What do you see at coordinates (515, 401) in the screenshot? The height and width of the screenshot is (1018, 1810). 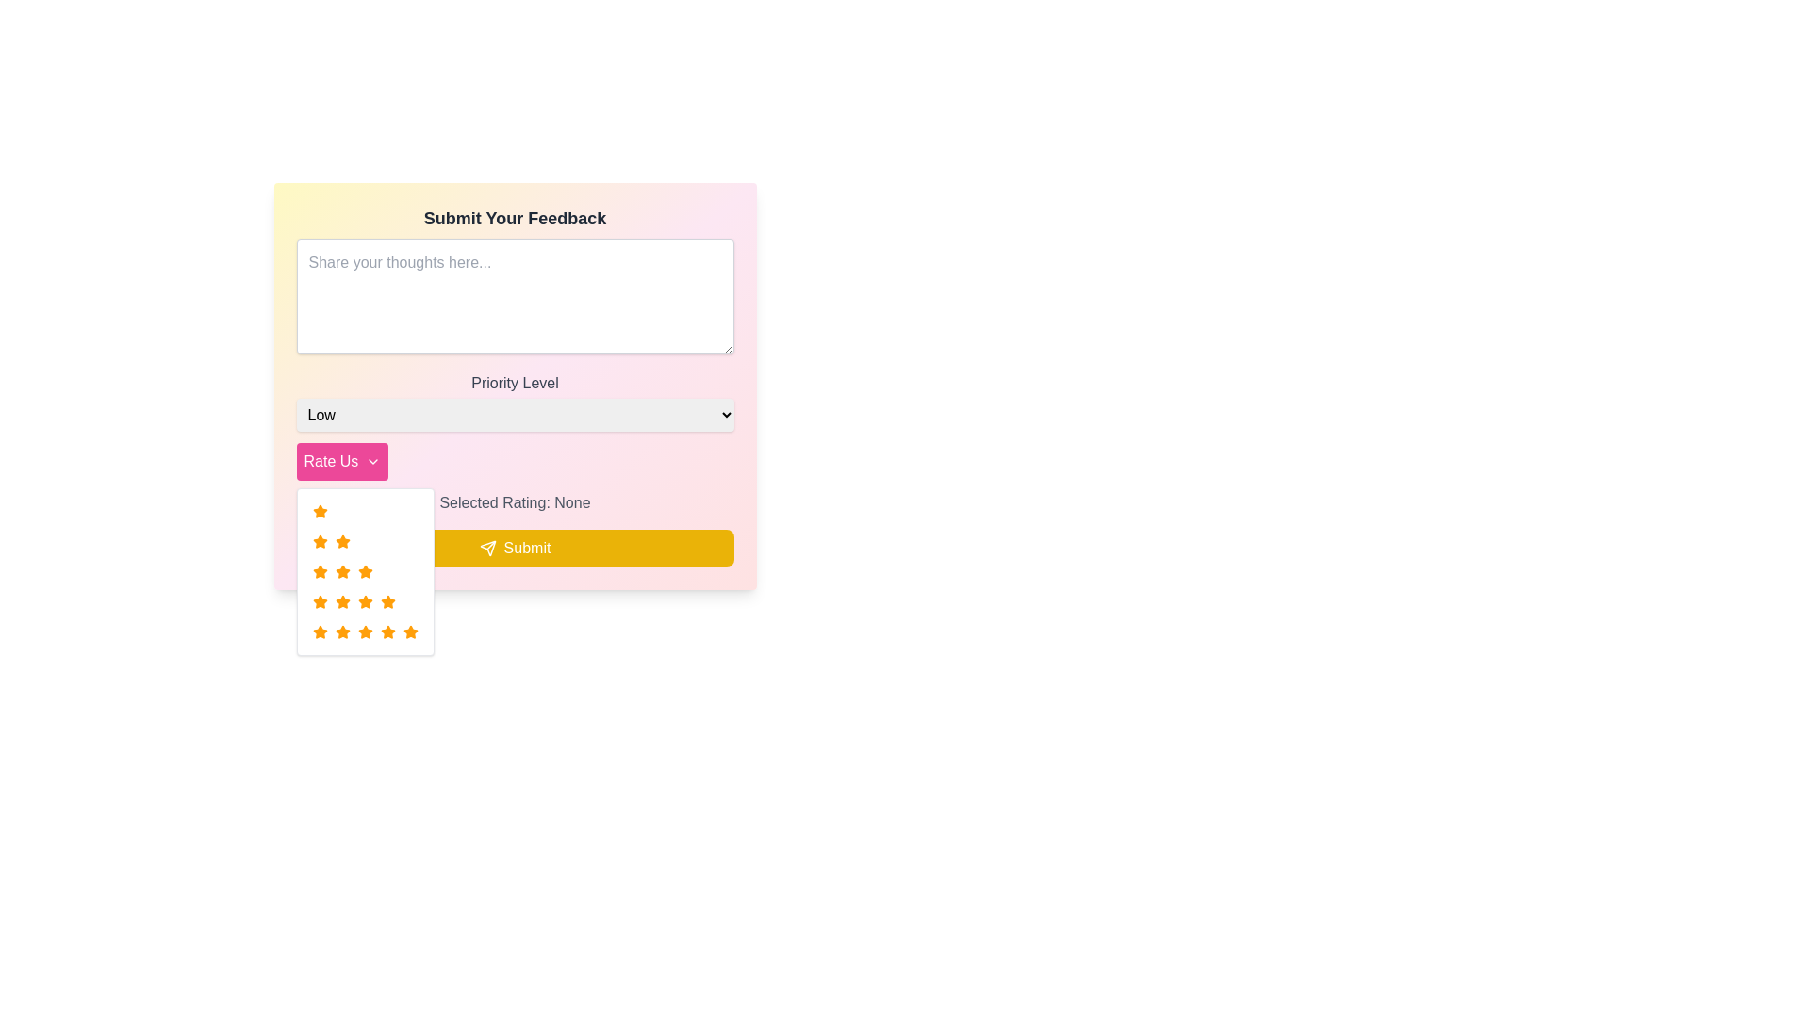 I see `the 'Priority Level' dropdown menu` at bounding box center [515, 401].